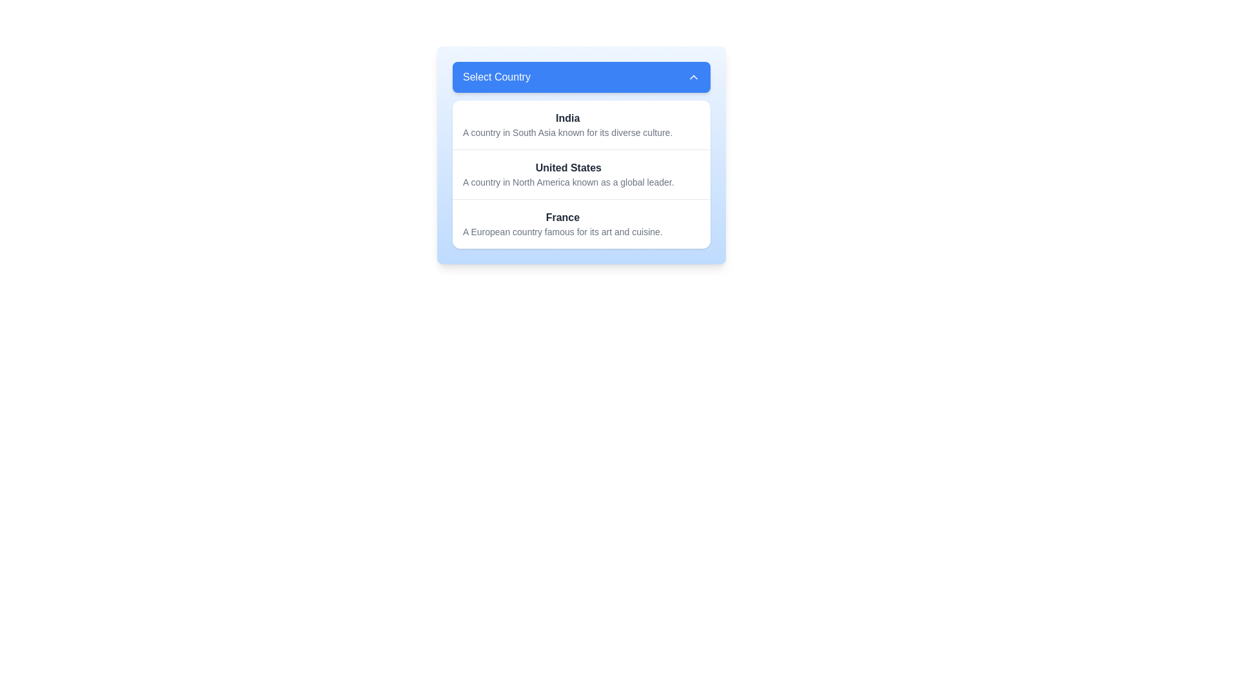  Describe the element at coordinates (581, 154) in the screenshot. I see `an individual country from the dropdown selector located centrally beneath the title bar by clicking on it` at that location.